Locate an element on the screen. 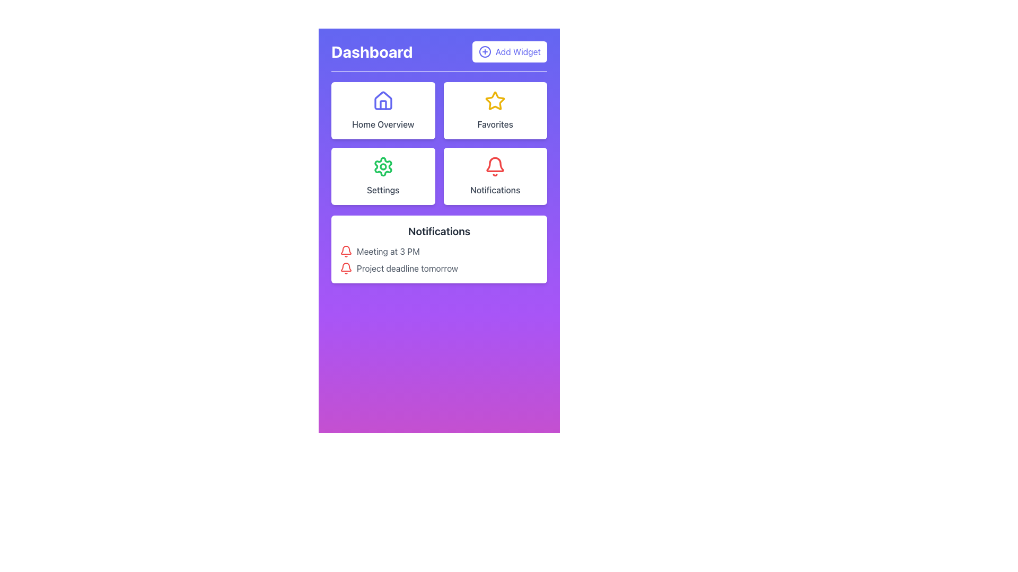  the bell icon, which indicates alerts or notifications, located to the left of the text 'Project deadline tomorrow' is located at coordinates (346, 267).